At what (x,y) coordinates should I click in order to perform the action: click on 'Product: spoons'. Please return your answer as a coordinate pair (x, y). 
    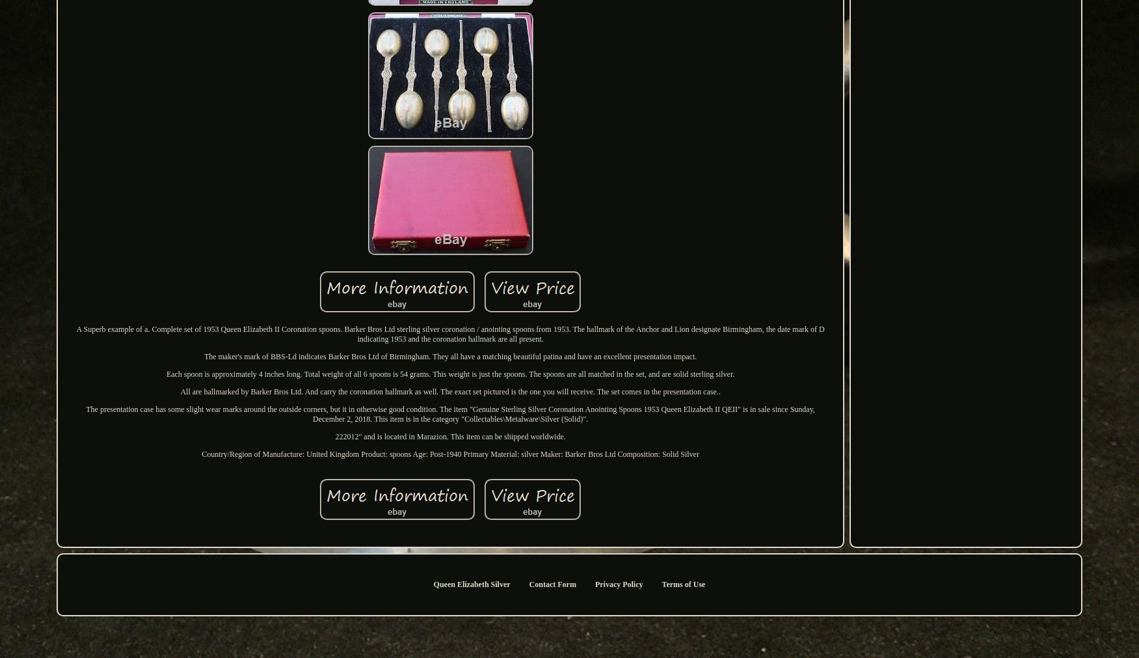
    Looking at the image, I should click on (386, 453).